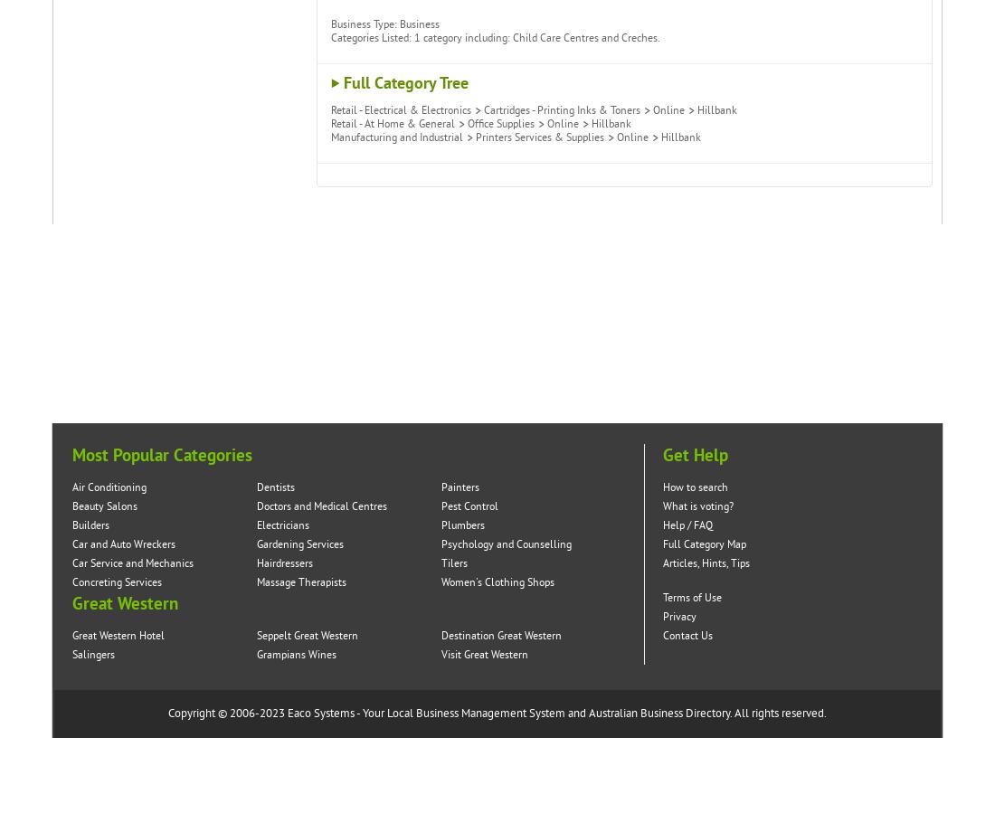  Describe the element at coordinates (300, 581) in the screenshot. I see `'Massage Therapists'` at that location.